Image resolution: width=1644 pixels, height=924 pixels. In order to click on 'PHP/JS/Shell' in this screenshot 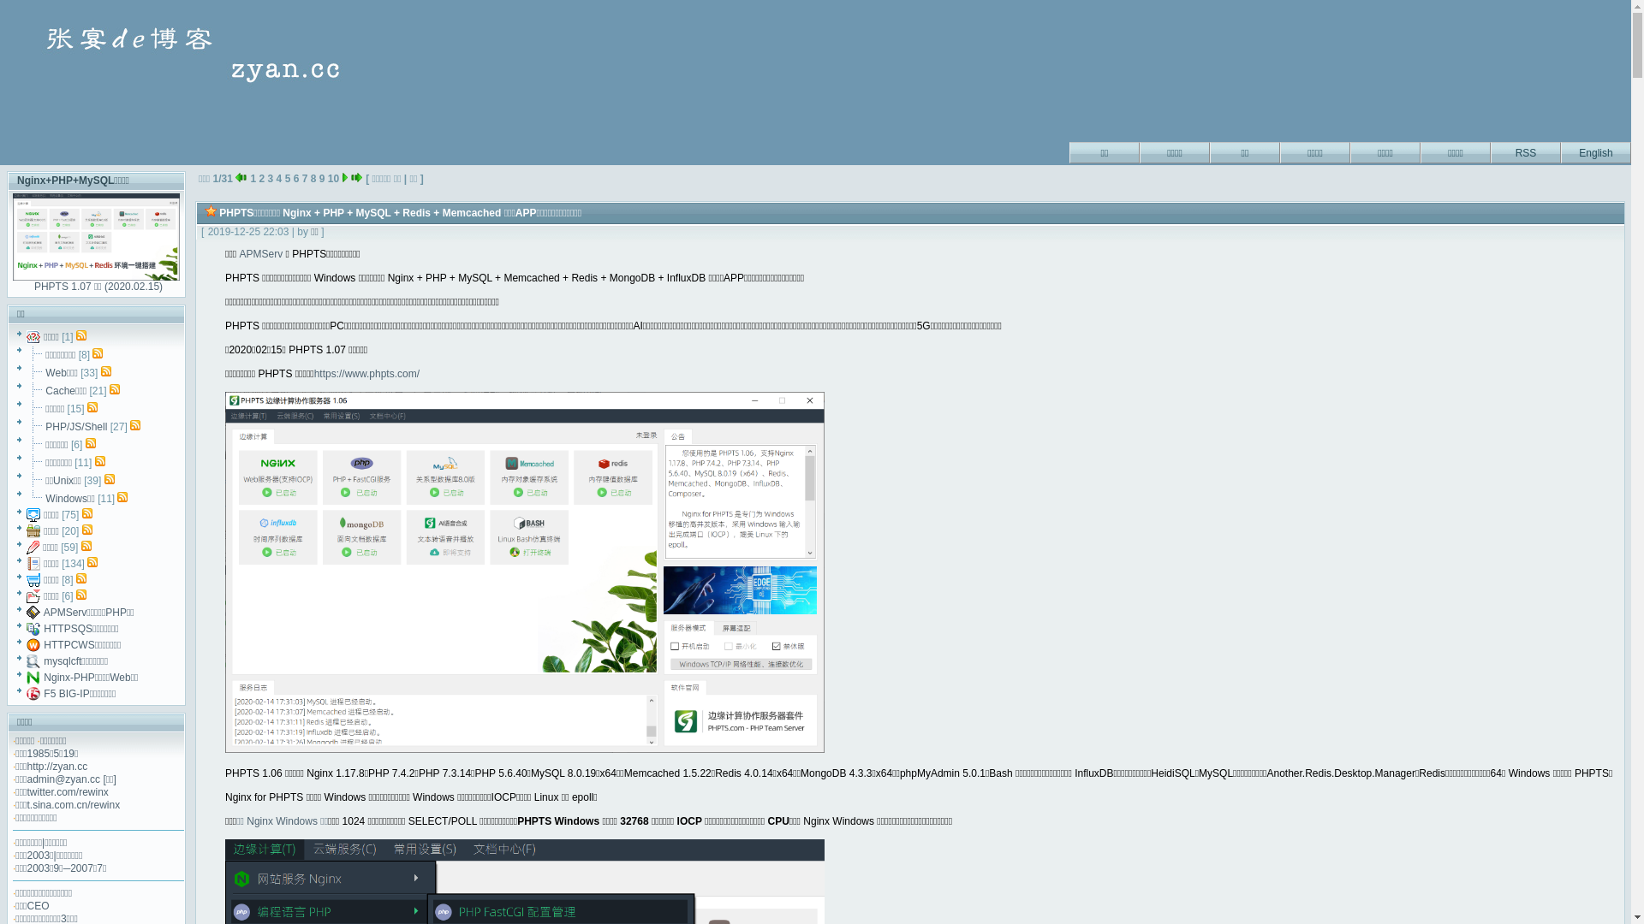, I will do `click(75, 425)`.